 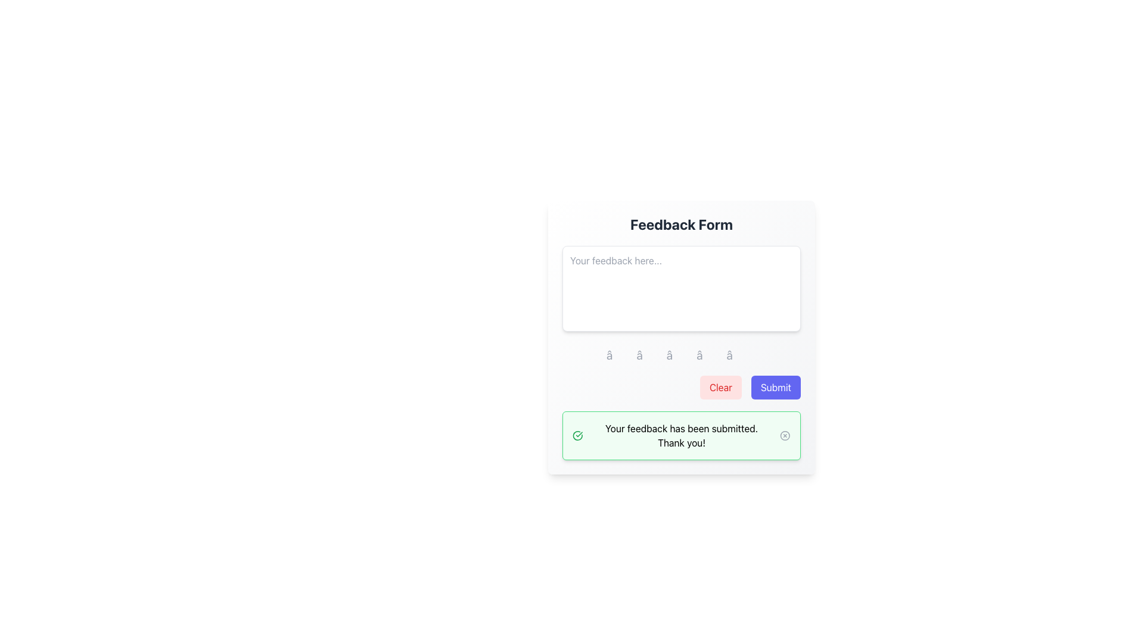 I want to click on header text element that displays 'Feedback Form', which is a bold, large-sized text located at the top of the feedback form layout, so click(x=681, y=224).